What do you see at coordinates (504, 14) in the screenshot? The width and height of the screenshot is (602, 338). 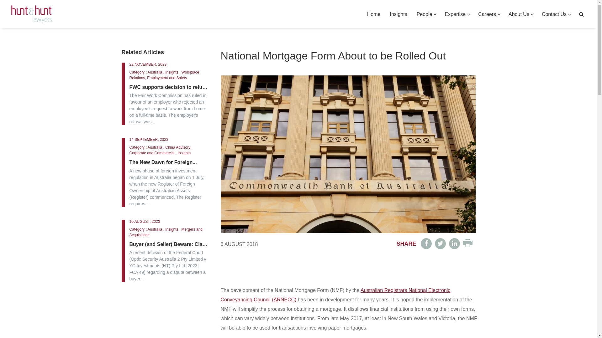 I see `'About Us'` at bounding box center [504, 14].